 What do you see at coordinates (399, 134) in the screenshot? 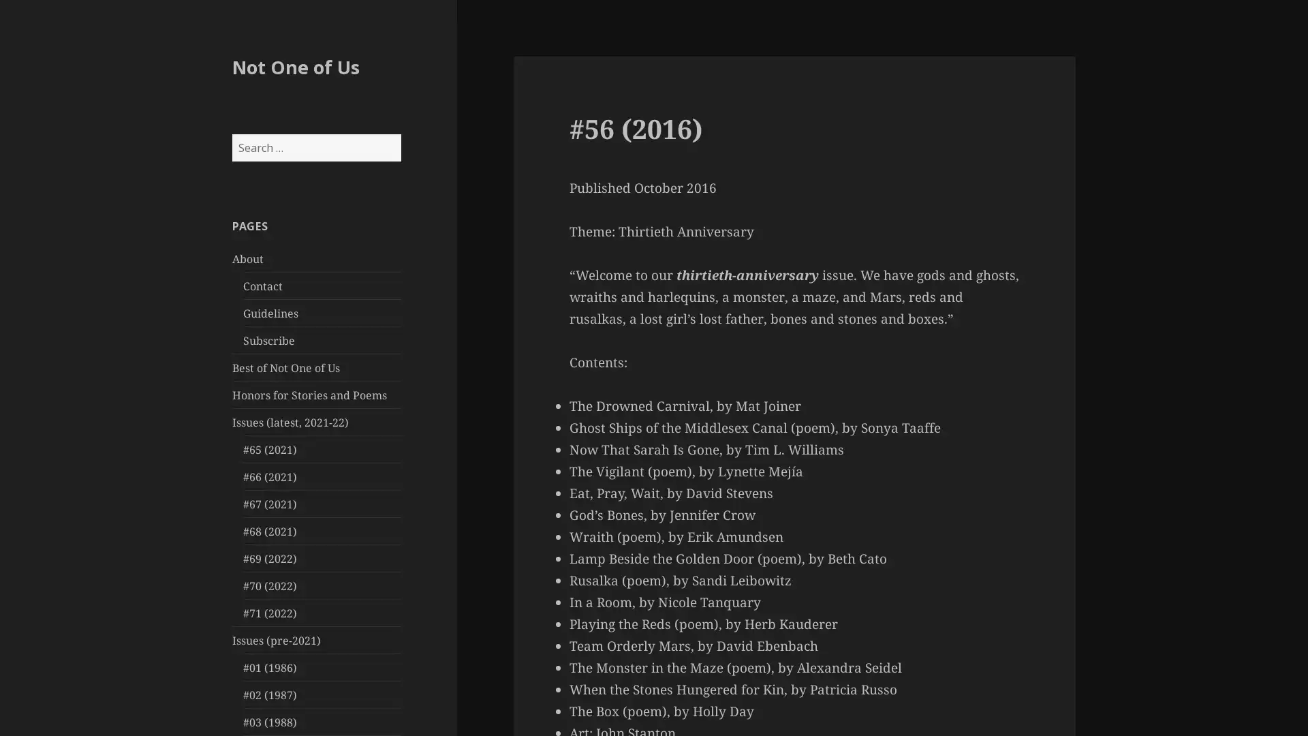
I see `Search` at bounding box center [399, 134].